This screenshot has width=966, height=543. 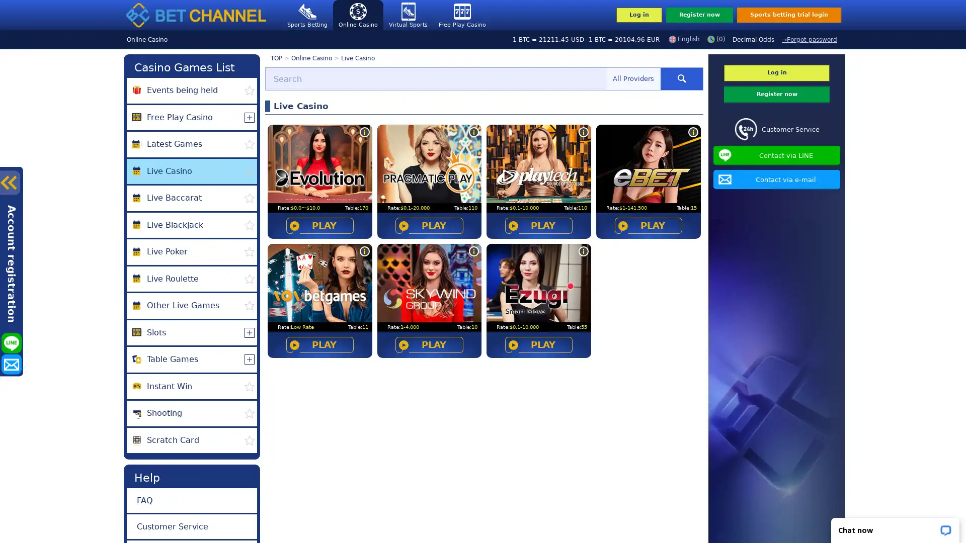 I want to click on PLAY, so click(x=429, y=225).